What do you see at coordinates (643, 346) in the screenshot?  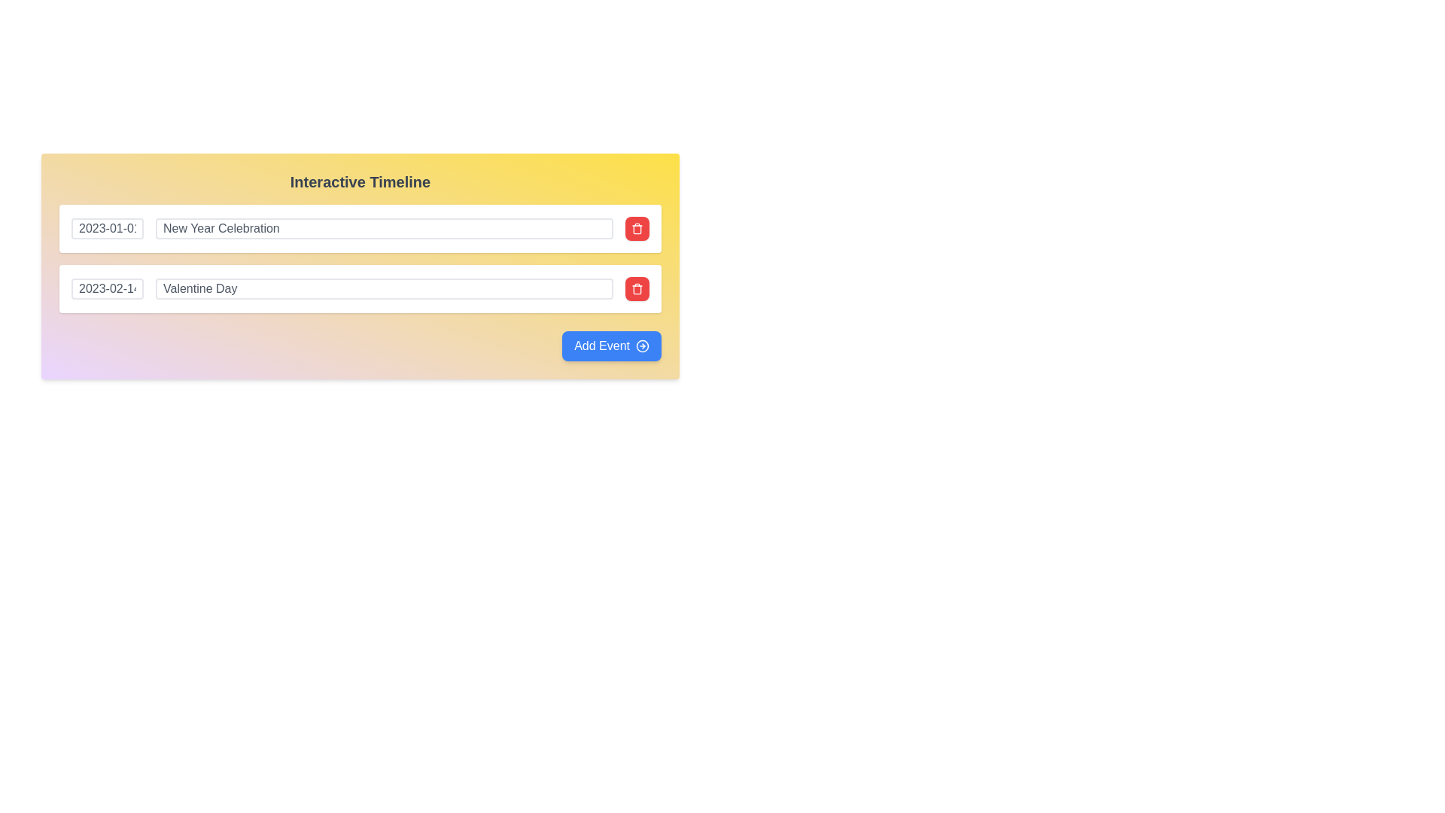 I see `the decorative graphic circle within the 'Add Event' button, which visually complements its interactive functionality` at bounding box center [643, 346].